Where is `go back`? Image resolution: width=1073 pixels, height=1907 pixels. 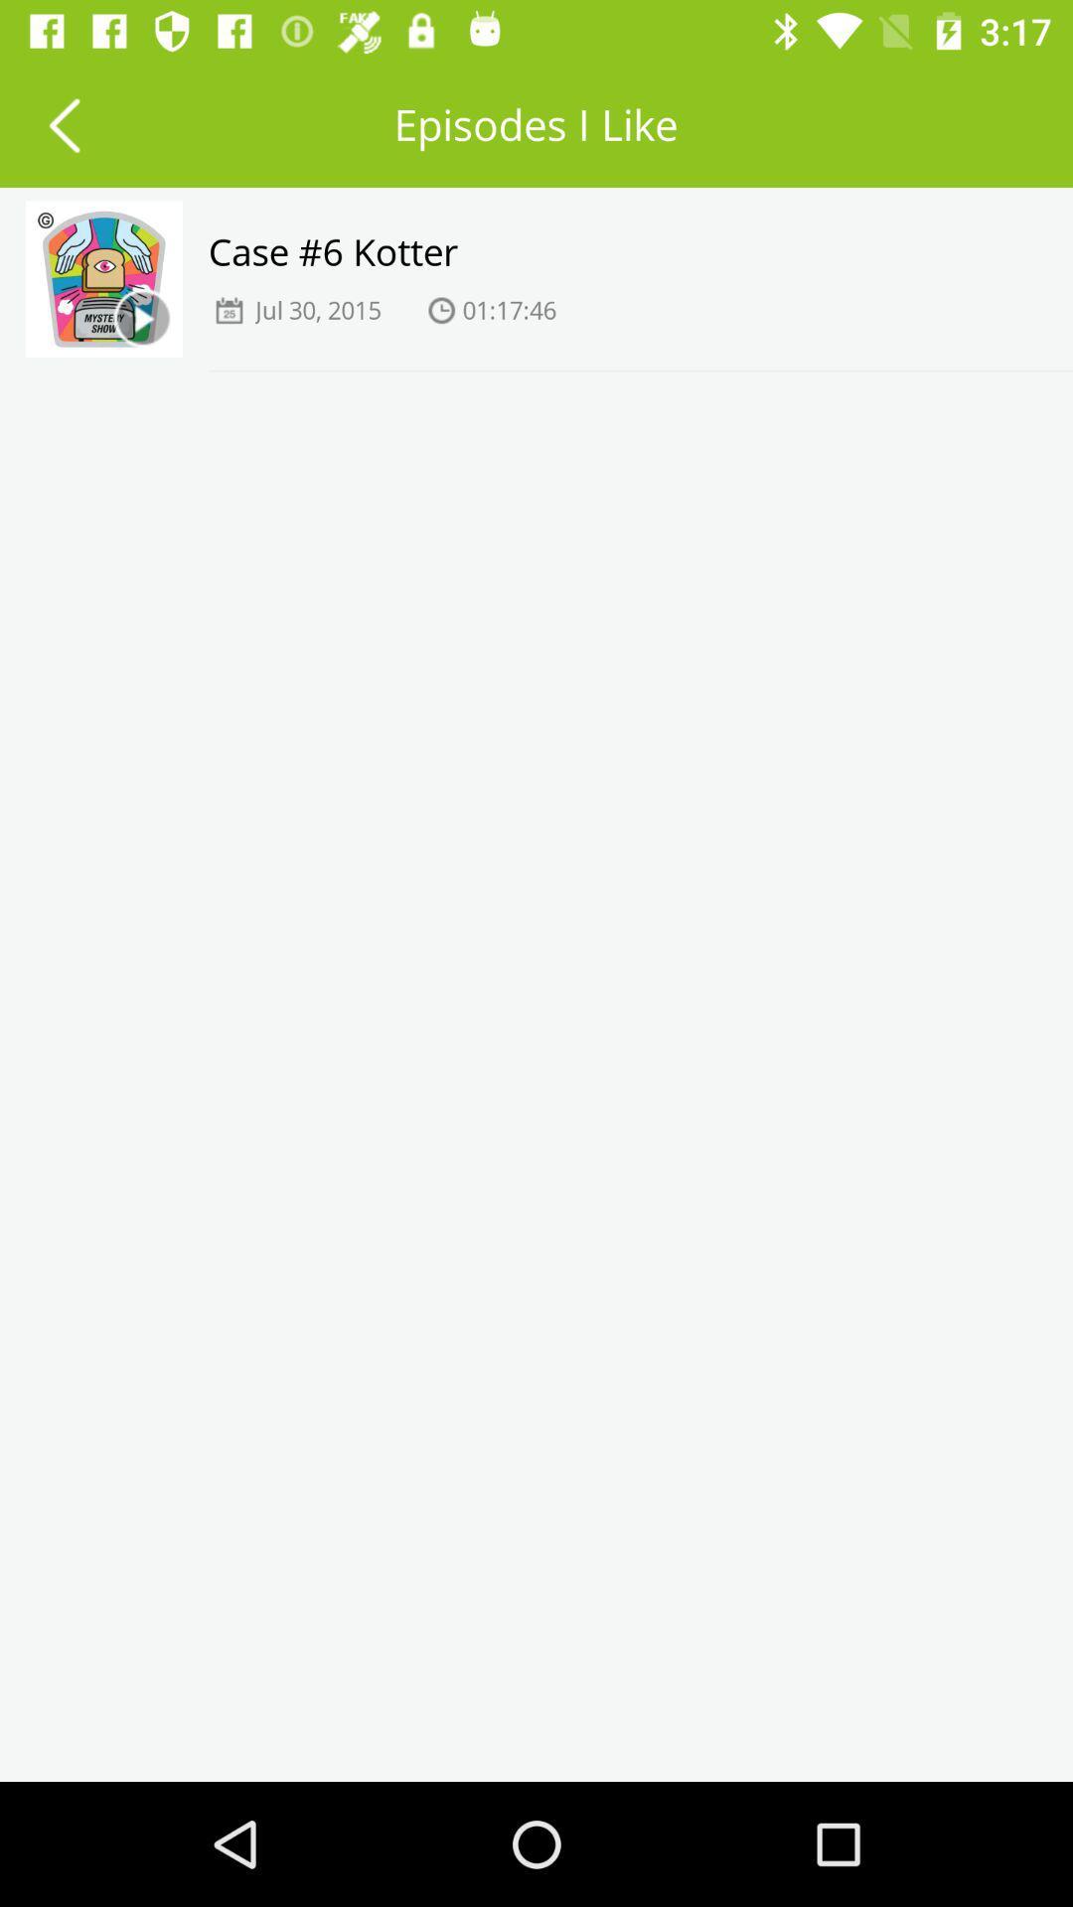 go back is located at coordinates (63, 123).